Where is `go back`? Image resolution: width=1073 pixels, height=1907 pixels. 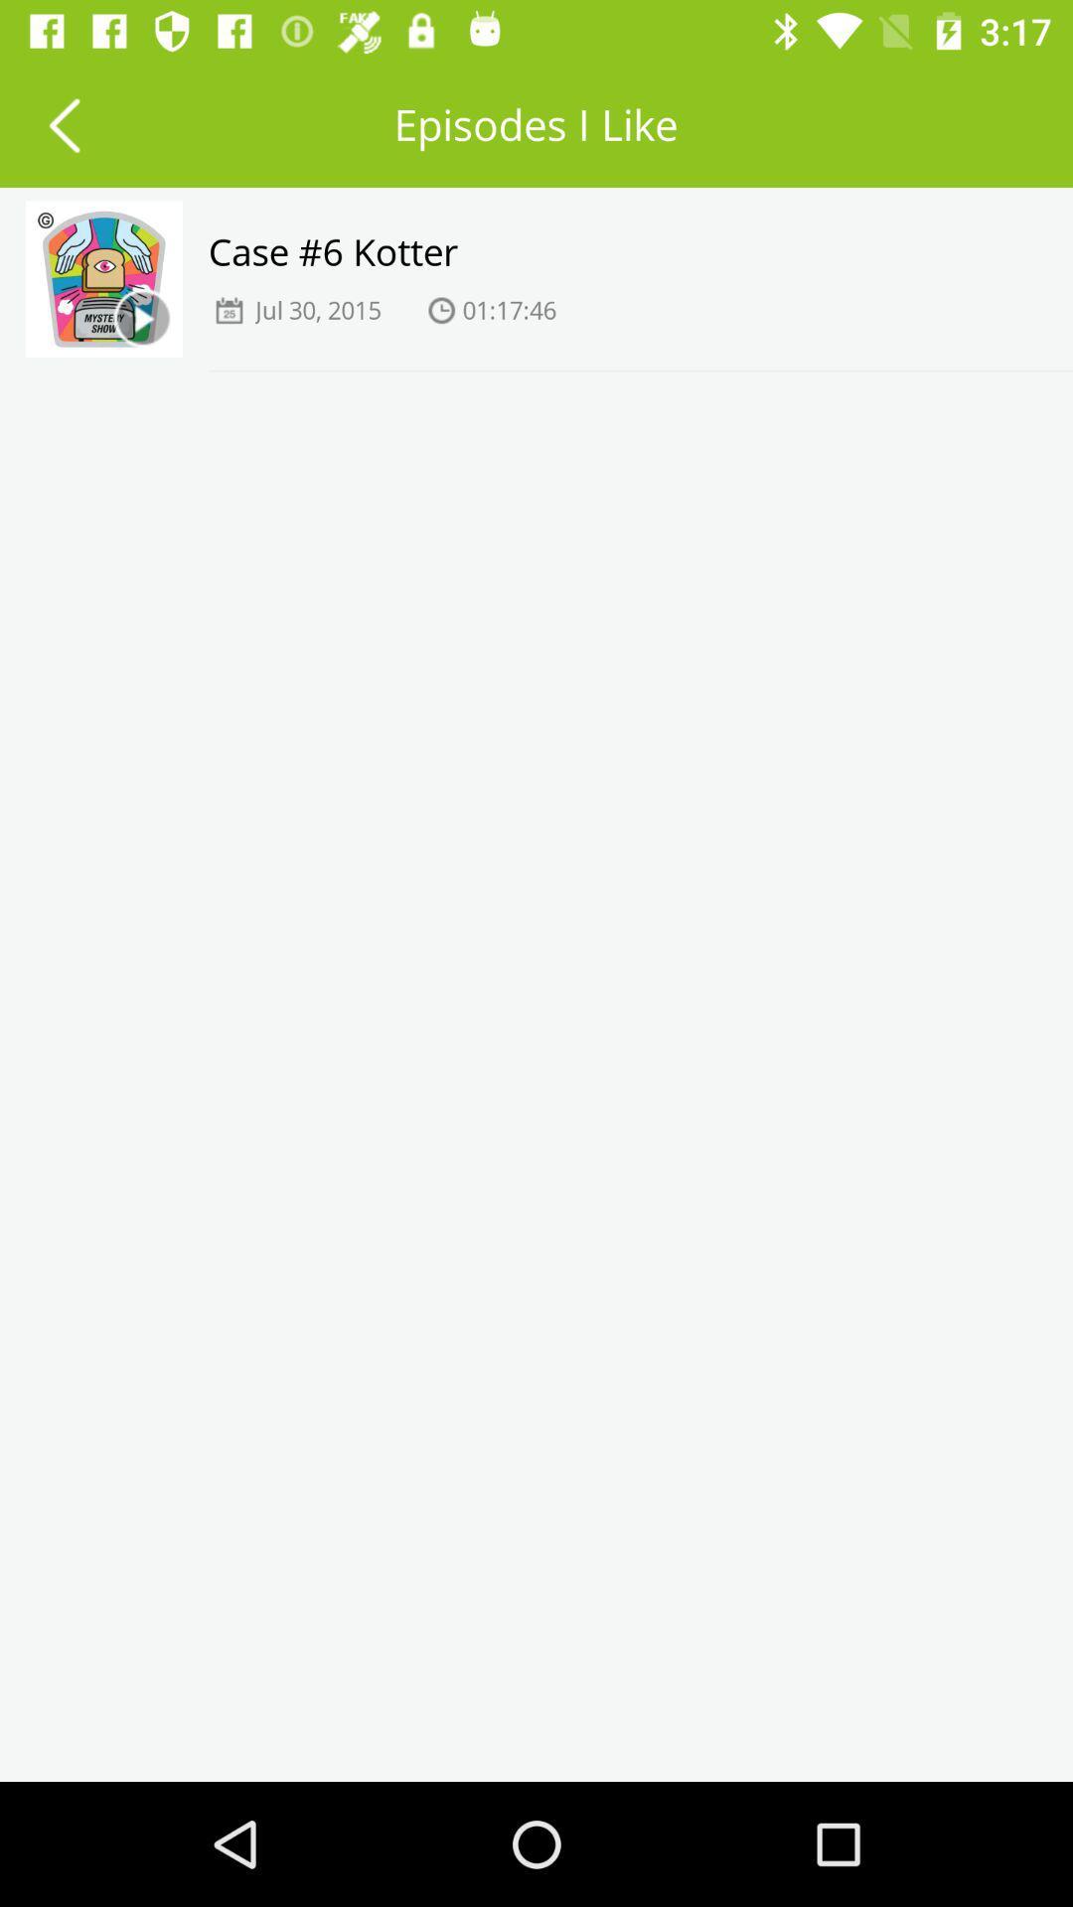 go back is located at coordinates (63, 123).